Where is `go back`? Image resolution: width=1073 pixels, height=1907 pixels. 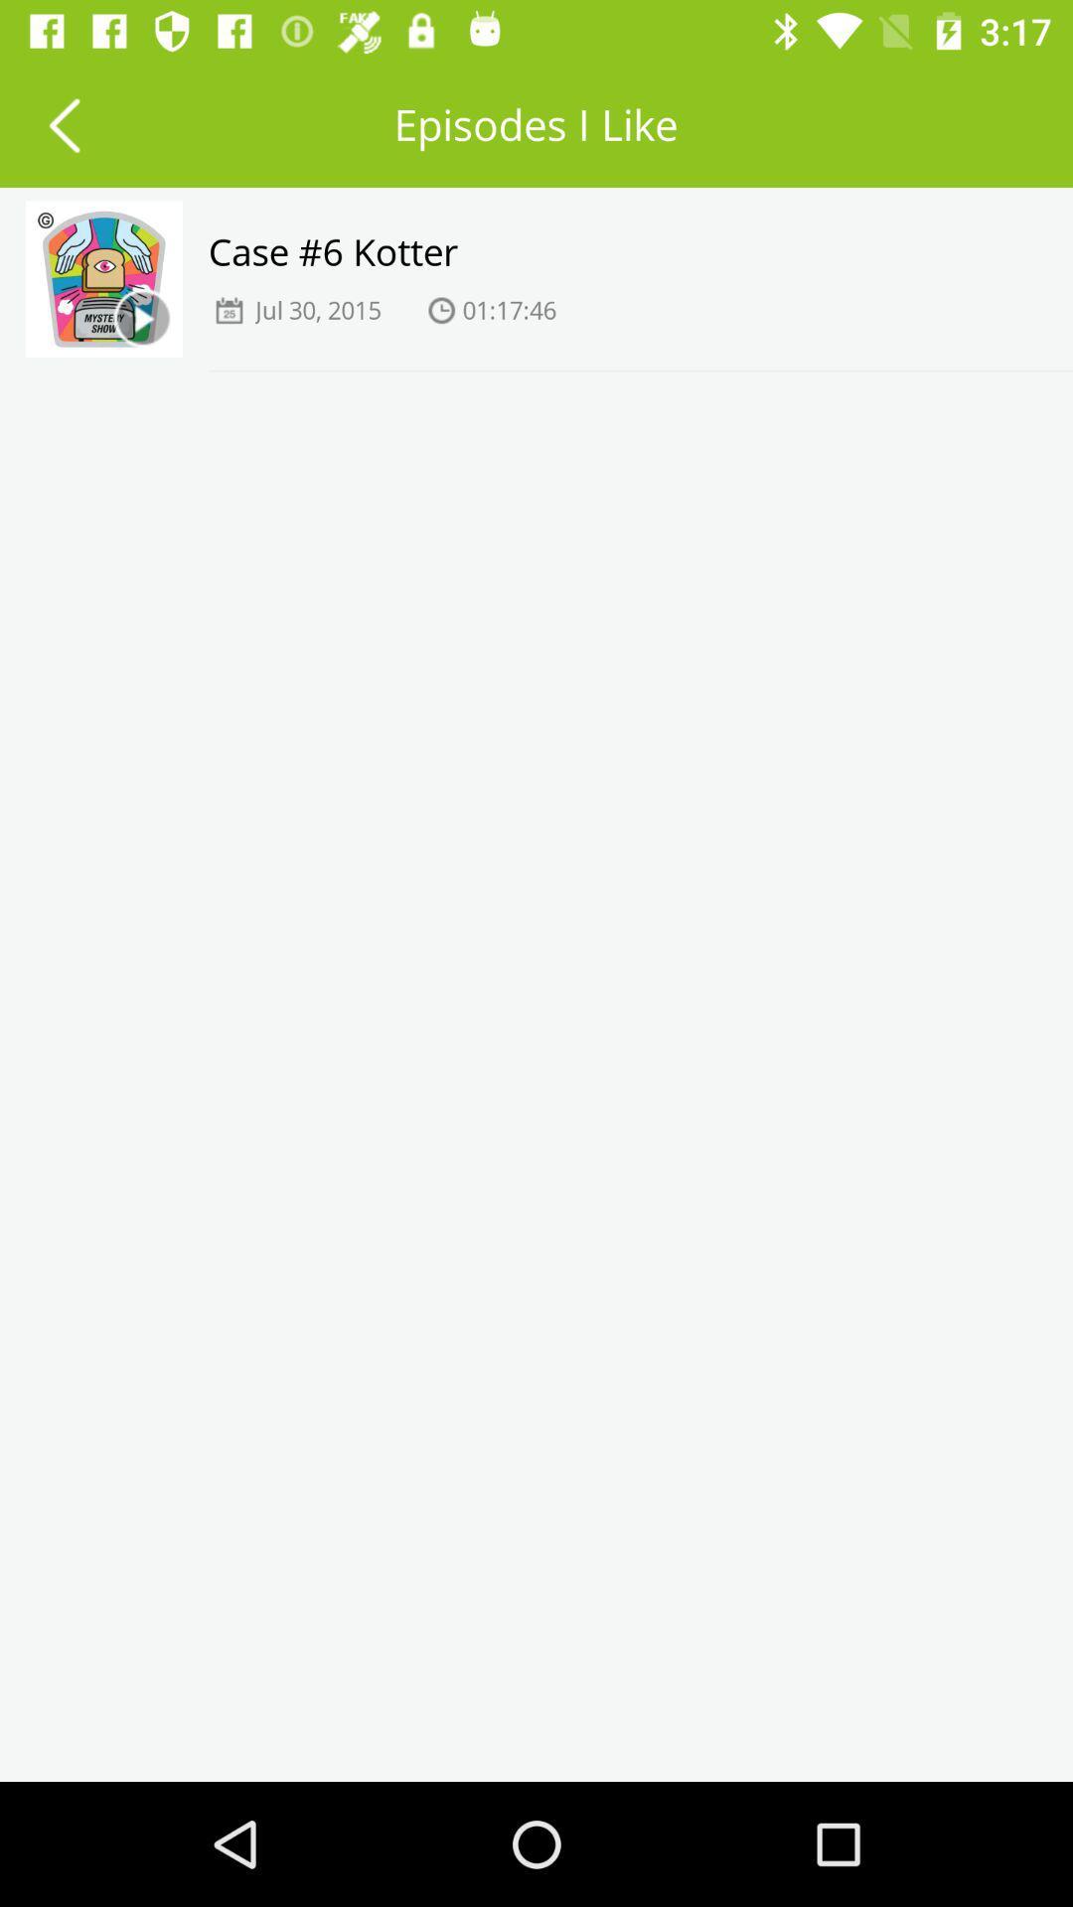 go back is located at coordinates (63, 123).